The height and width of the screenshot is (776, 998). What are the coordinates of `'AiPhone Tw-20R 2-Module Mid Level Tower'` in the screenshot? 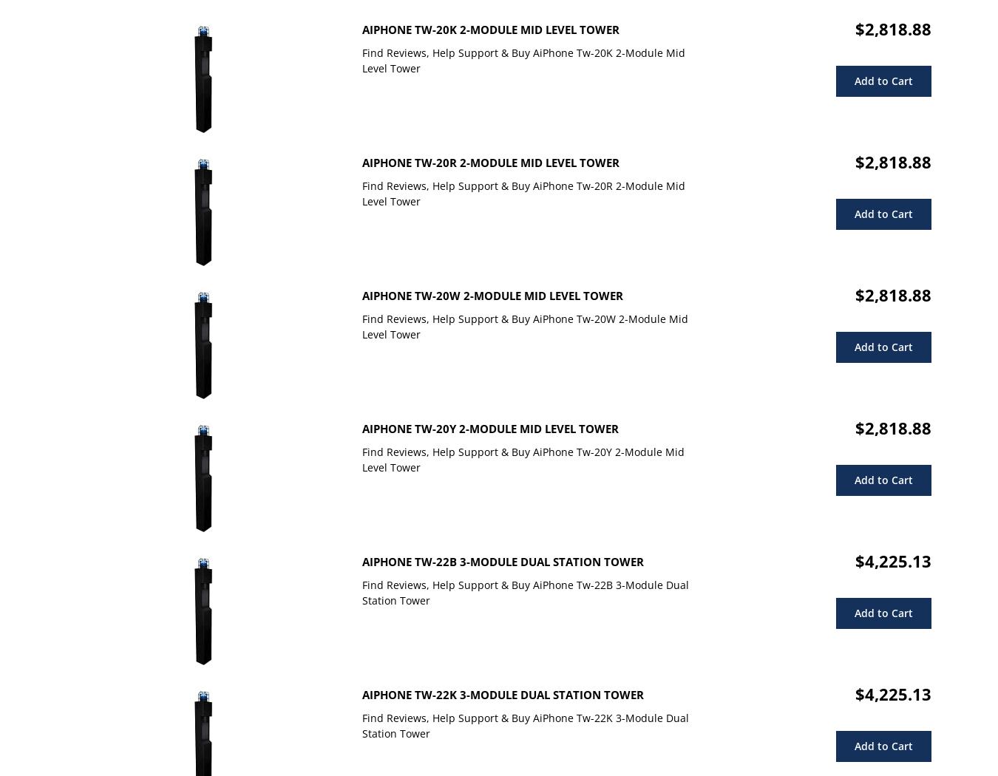 It's located at (491, 161).